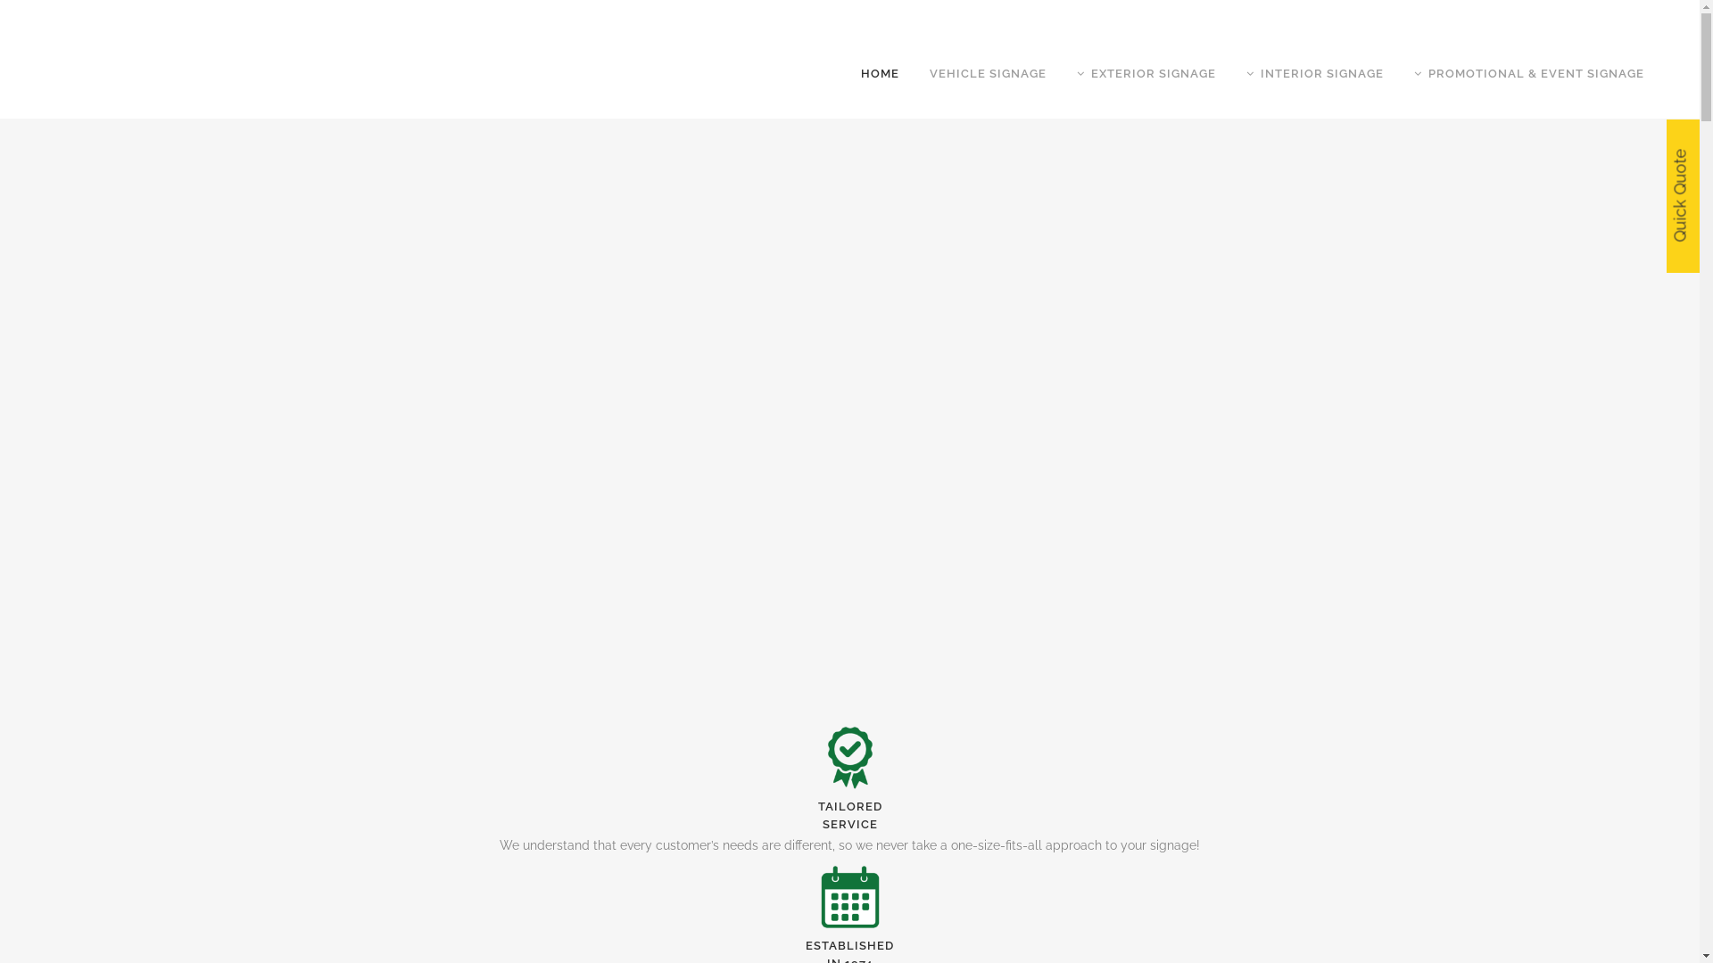  I want to click on '(08) 8345 3177', so click(1627, 14).